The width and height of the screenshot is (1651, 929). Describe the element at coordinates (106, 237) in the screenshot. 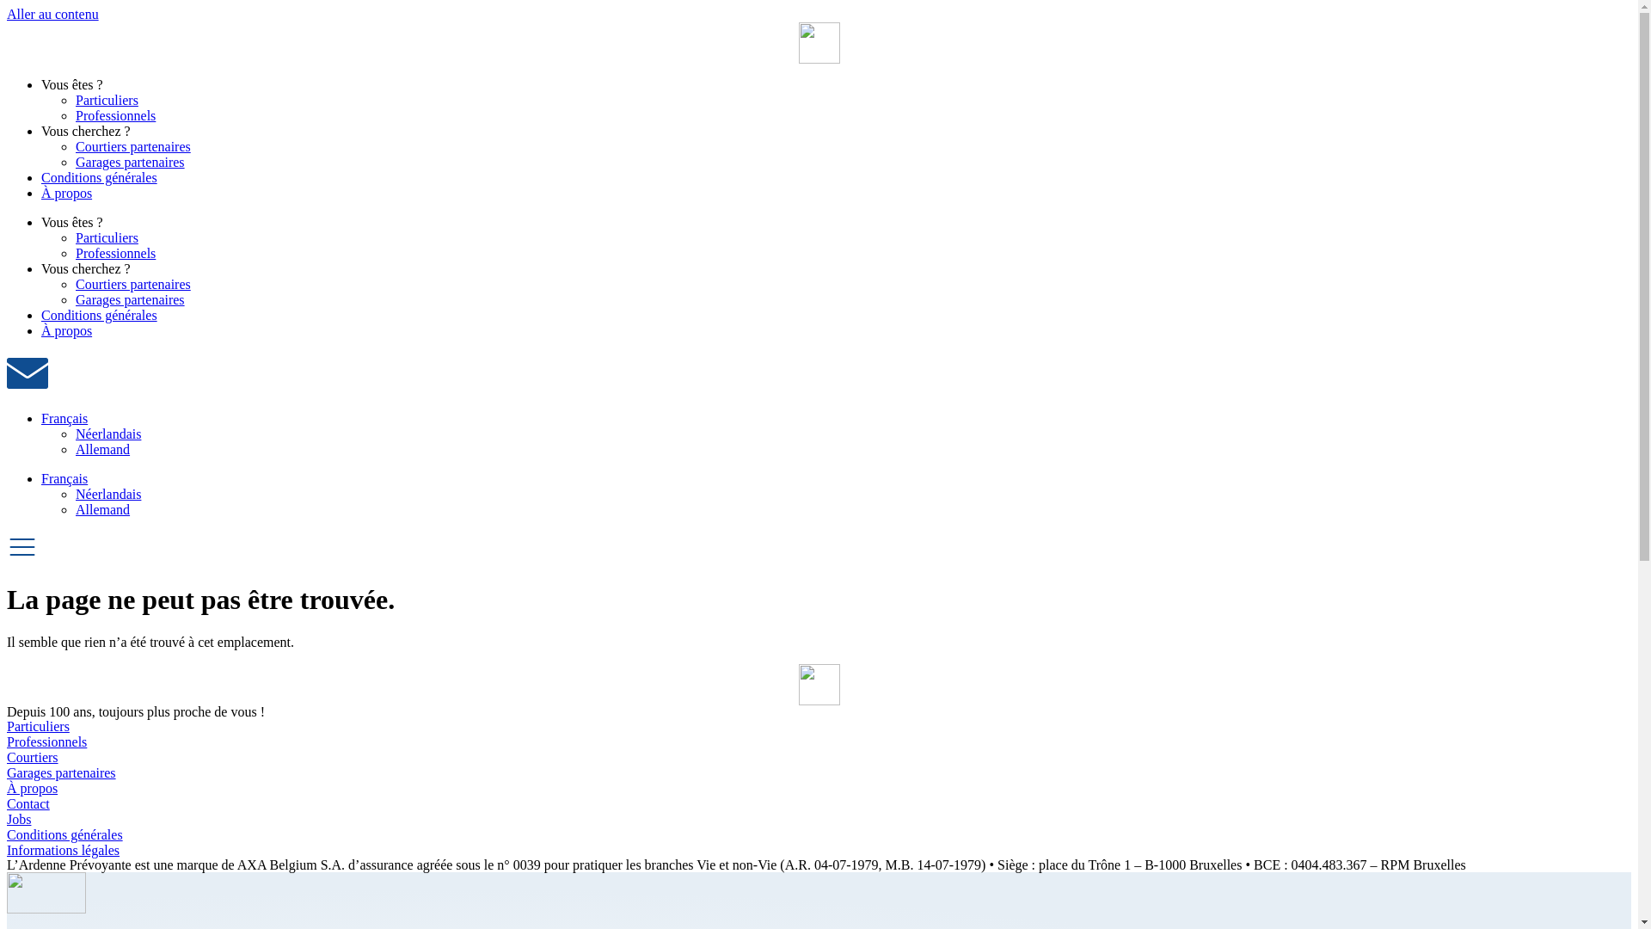

I see `'Particuliers'` at that location.